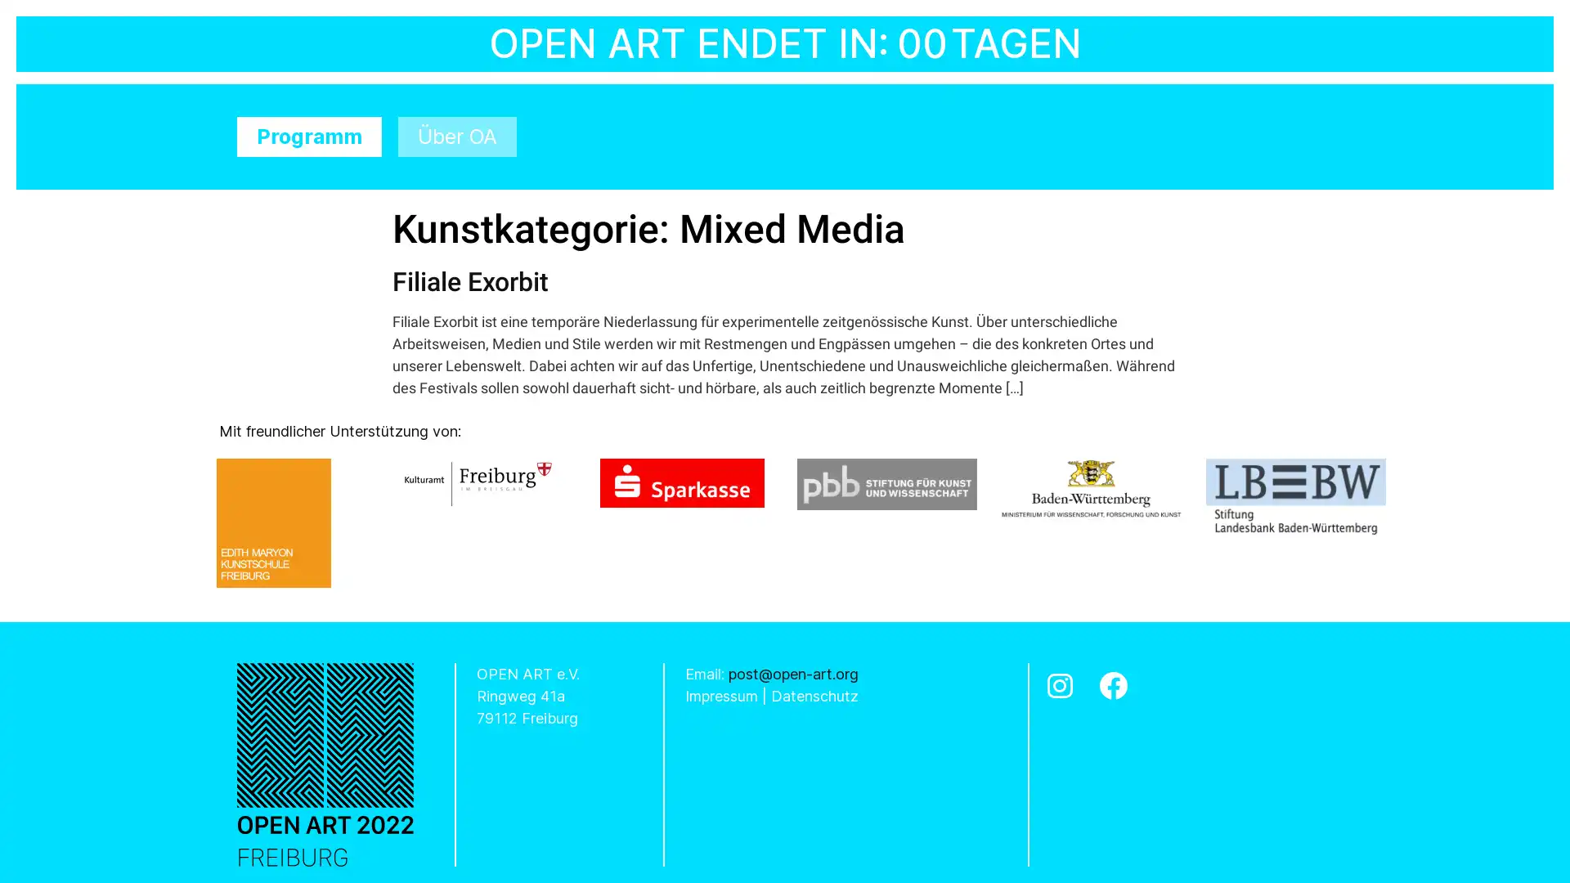  Describe the element at coordinates (457, 136) in the screenshot. I see `Uber OA` at that location.